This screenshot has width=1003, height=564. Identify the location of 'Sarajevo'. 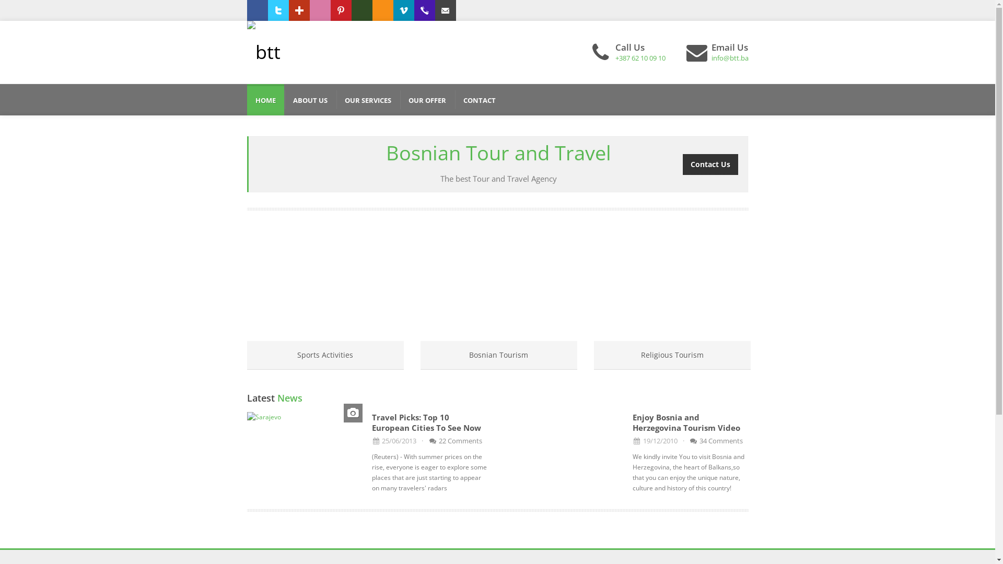
(304, 416).